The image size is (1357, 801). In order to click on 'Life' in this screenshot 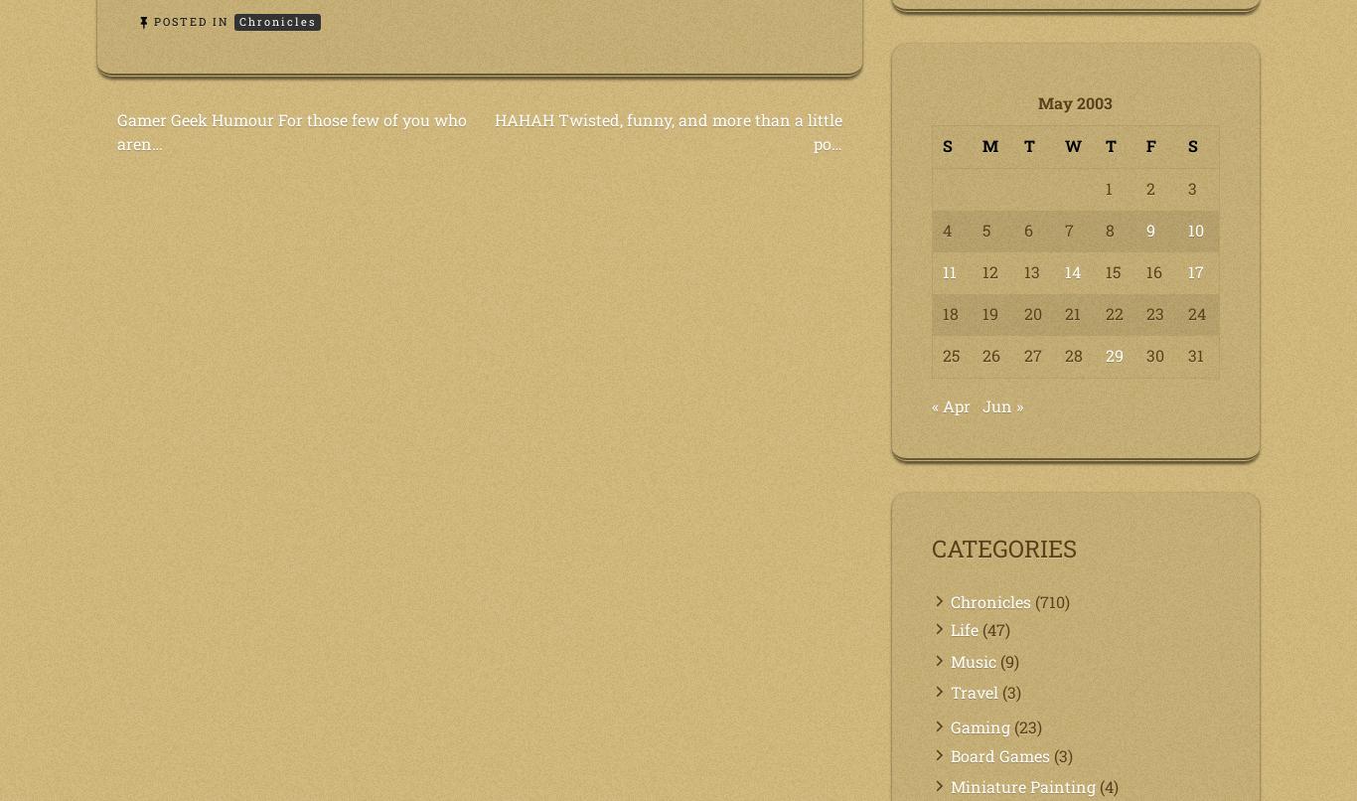, I will do `click(964, 628)`.